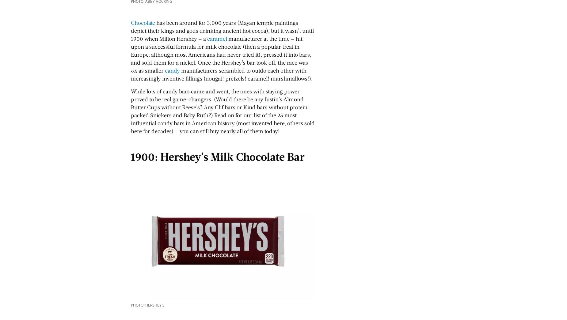 Image resolution: width=567 pixels, height=320 pixels. I want to click on 'manufacturer at the time — hit upon a successful formula for milk chocolate (then a popular treat in Europe, although most Americans had never tried it), pressed it into bars, and sold them for a nickel. Once the Hershey's bar took off, the race was', so click(221, 50).